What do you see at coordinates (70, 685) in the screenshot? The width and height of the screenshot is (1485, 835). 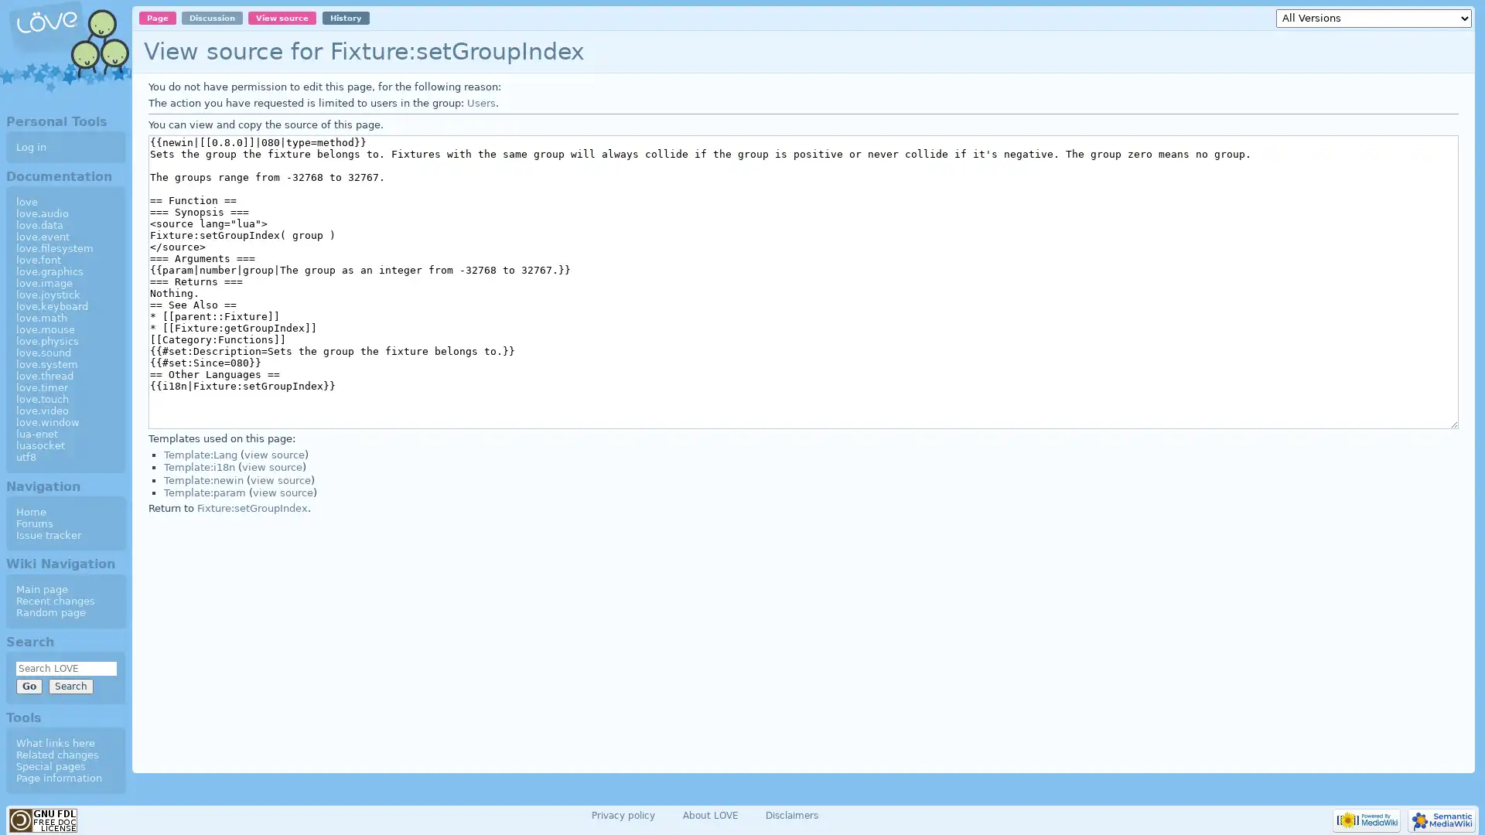 I see `Search` at bounding box center [70, 685].